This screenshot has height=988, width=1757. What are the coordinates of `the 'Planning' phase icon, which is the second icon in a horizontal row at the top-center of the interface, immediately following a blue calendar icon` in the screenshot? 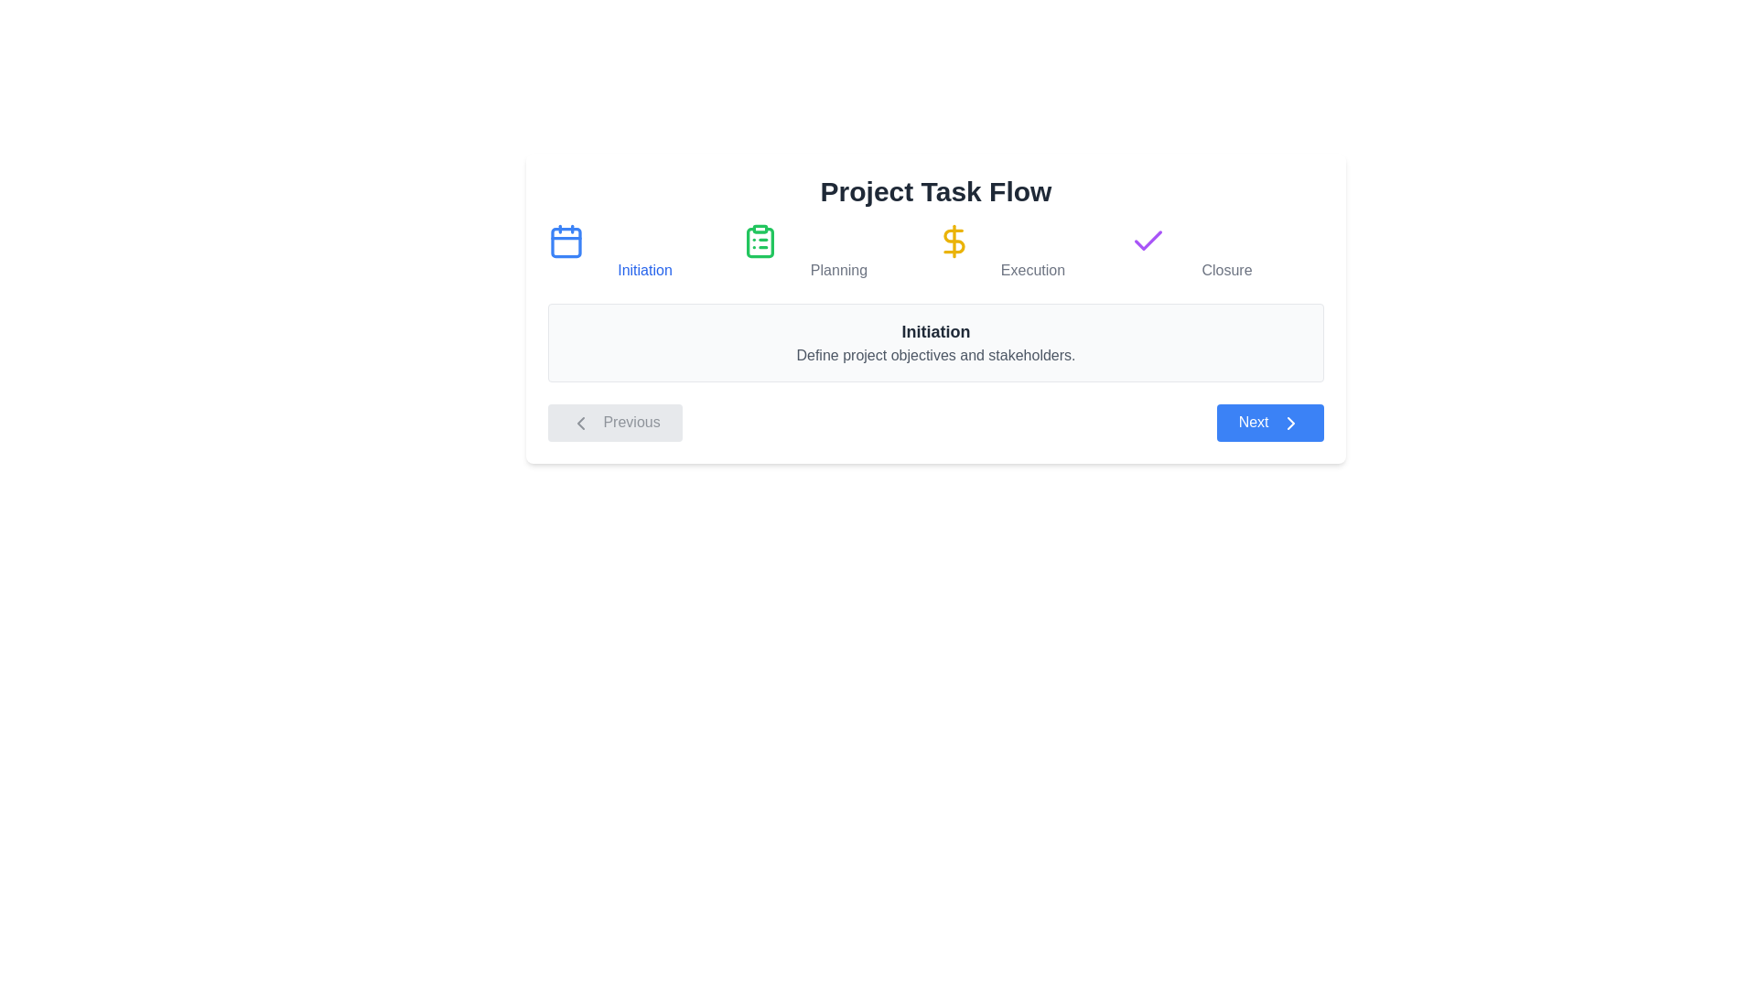 It's located at (760, 242).